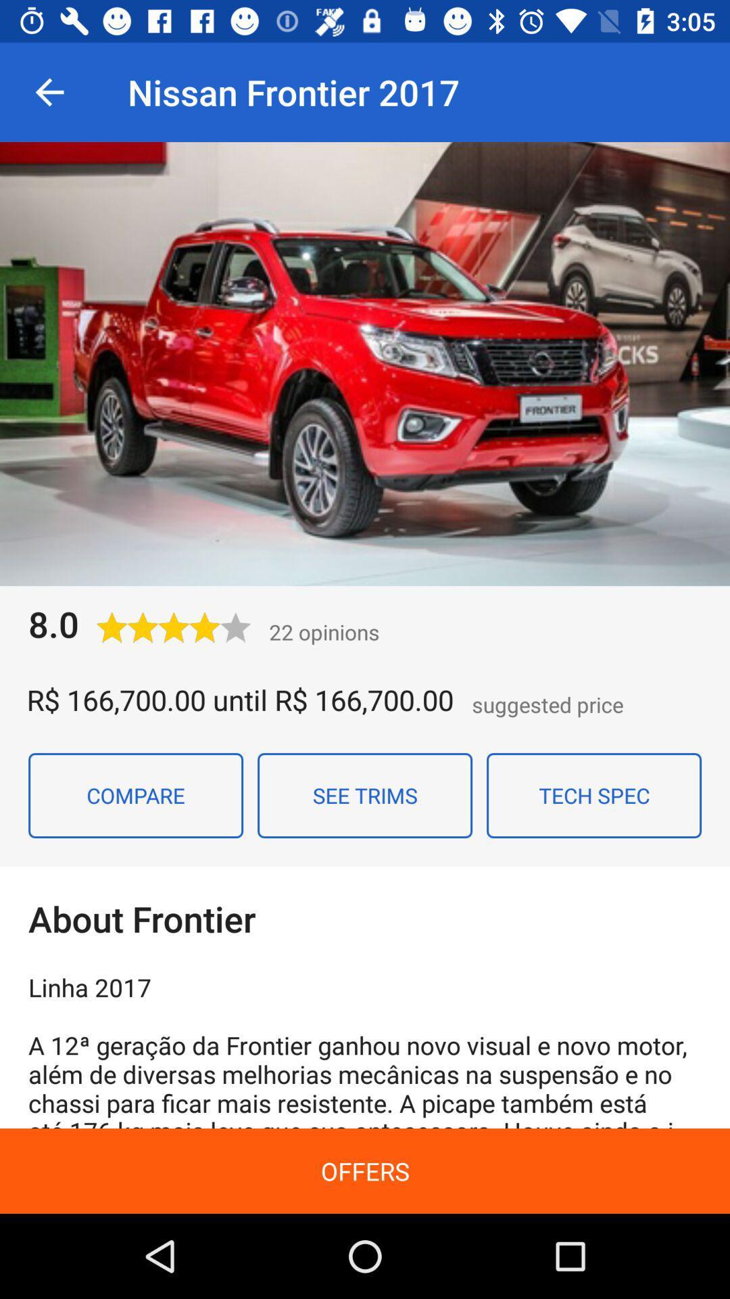  What do you see at coordinates (365, 796) in the screenshot?
I see `item below r 166 700 icon` at bounding box center [365, 796].